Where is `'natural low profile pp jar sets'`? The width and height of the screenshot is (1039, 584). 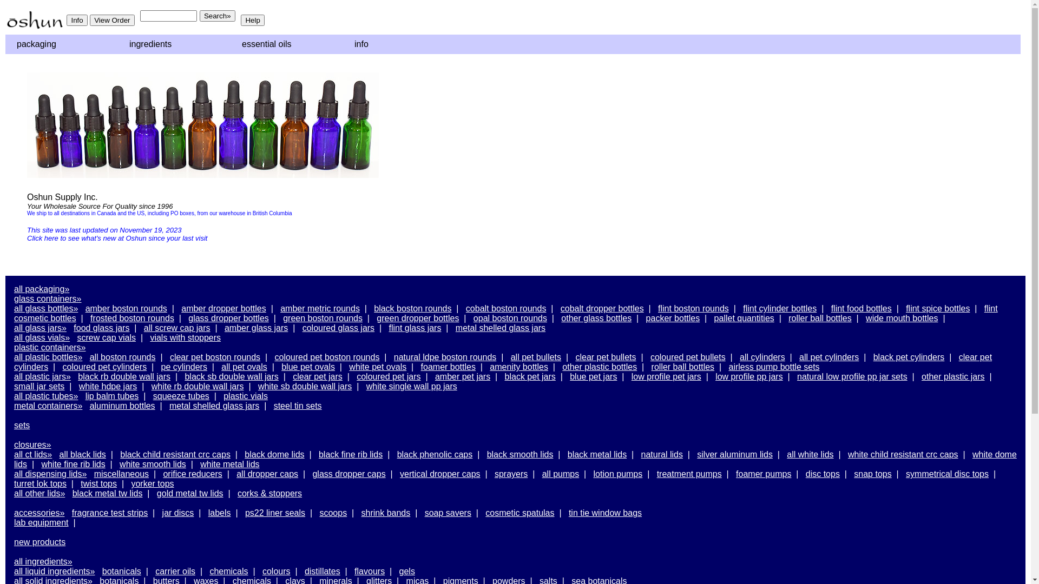 'natural low profile pp jar sets' is located at coordinates (851, 376).